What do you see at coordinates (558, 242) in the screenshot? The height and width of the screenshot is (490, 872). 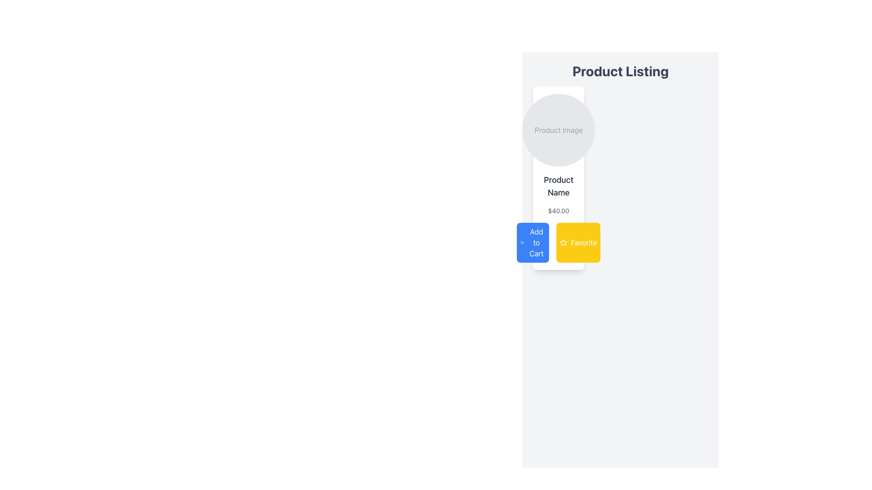 I see `the 'Favorite' button located to the right of the 'Add to Cart' button at the bottom of the product display card to mark the product as a favorite` at bounding box center [558, 242].